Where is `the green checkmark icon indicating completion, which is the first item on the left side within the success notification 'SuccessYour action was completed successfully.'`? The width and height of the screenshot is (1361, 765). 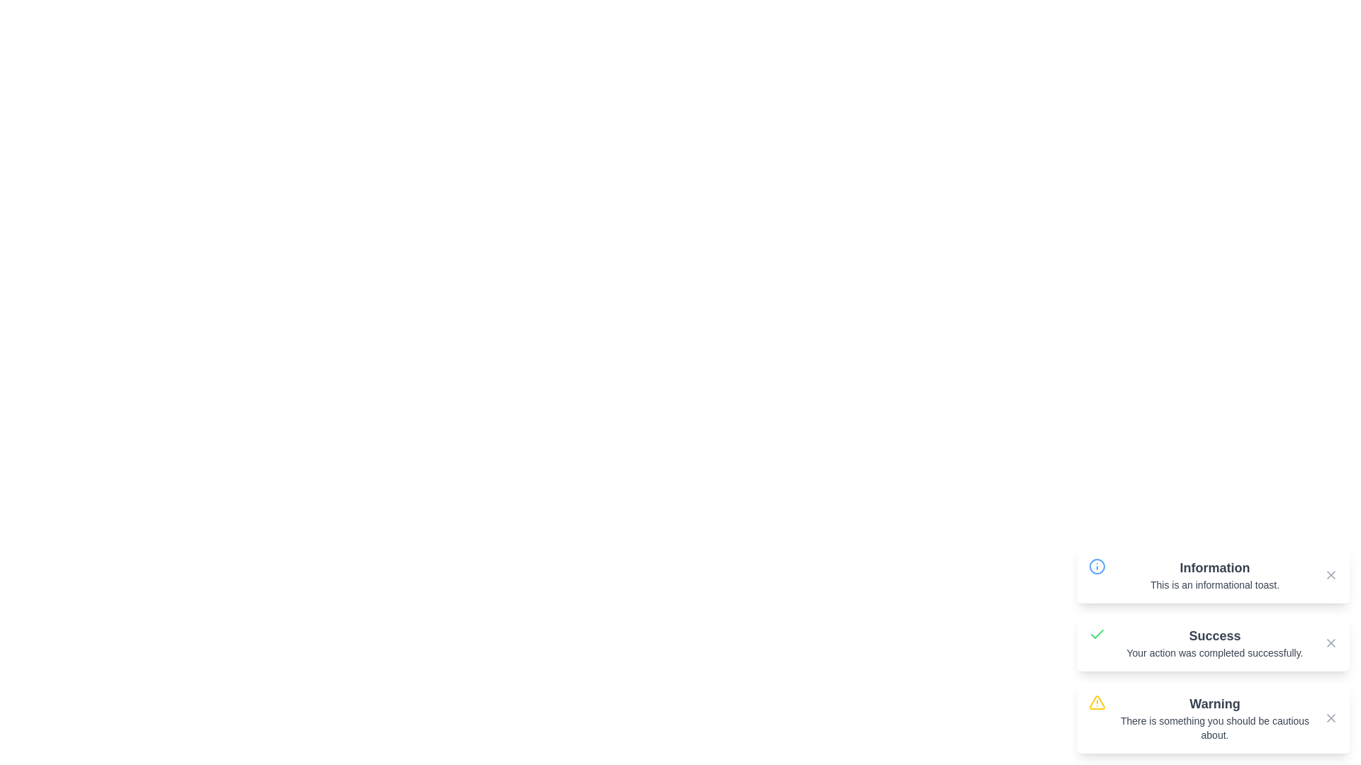 the green checkmark icon indicating completion, which is the first item on the left side within the success notification 'SuccessYour action was completed successfully.' is located at coordinates (1097, 642).